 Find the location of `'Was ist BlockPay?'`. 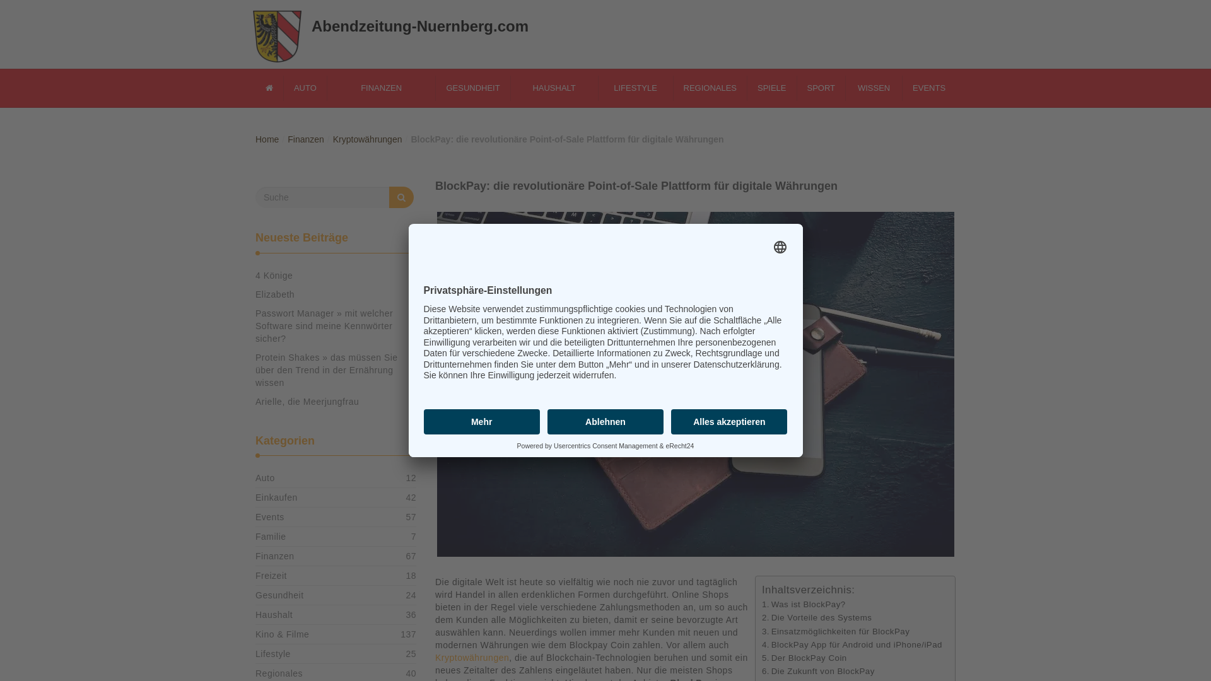

'Was ist BlockPay?' is located at coordinates (757, 603).